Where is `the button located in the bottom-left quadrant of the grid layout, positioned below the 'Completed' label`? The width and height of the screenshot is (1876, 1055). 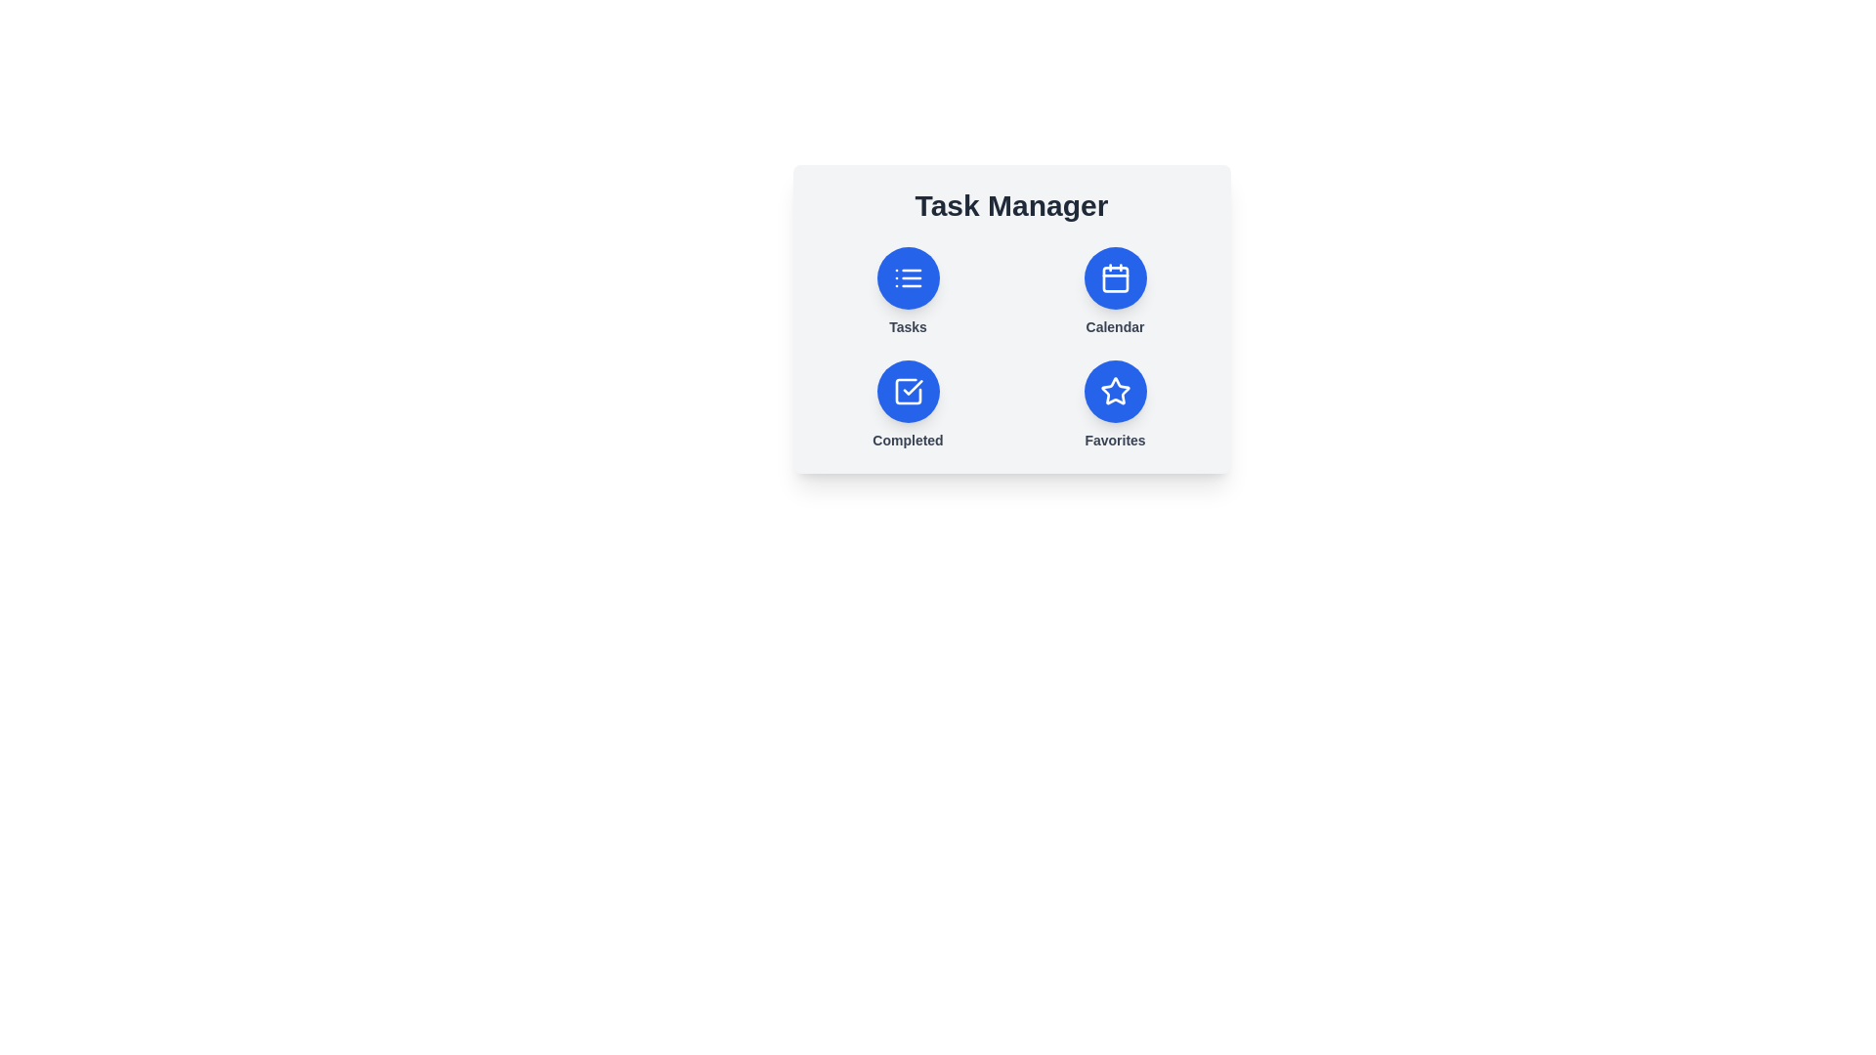
the button located in the bottom-left quadrant of the grid layout, positioned below the 'Completed' label is located at coordinates (907, 392).